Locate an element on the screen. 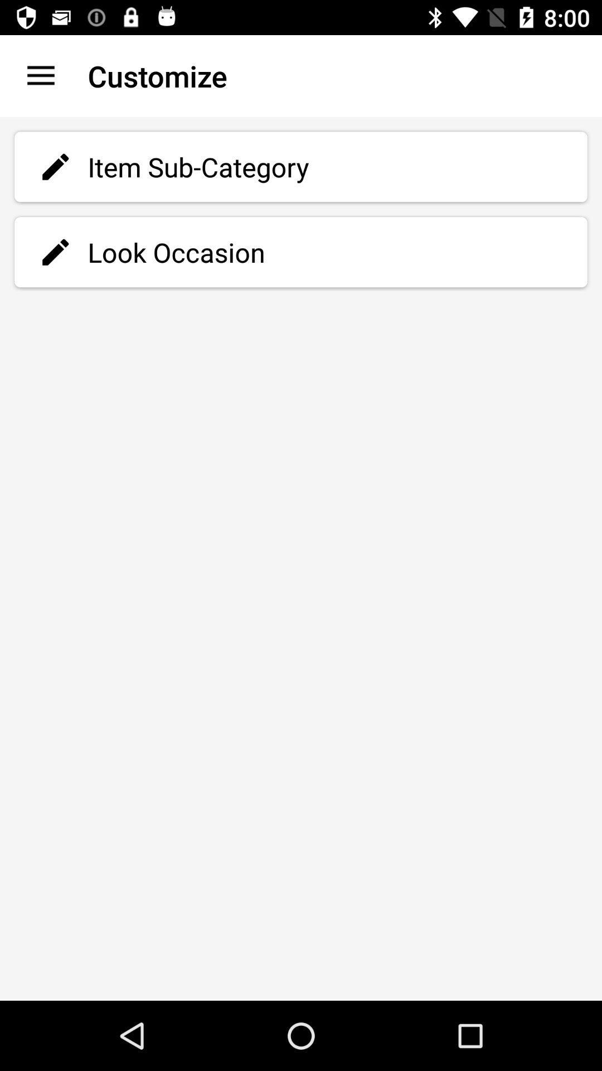 This screenshot has height=1071, width=602. the item sub-category is located at coordinates (301, 166).